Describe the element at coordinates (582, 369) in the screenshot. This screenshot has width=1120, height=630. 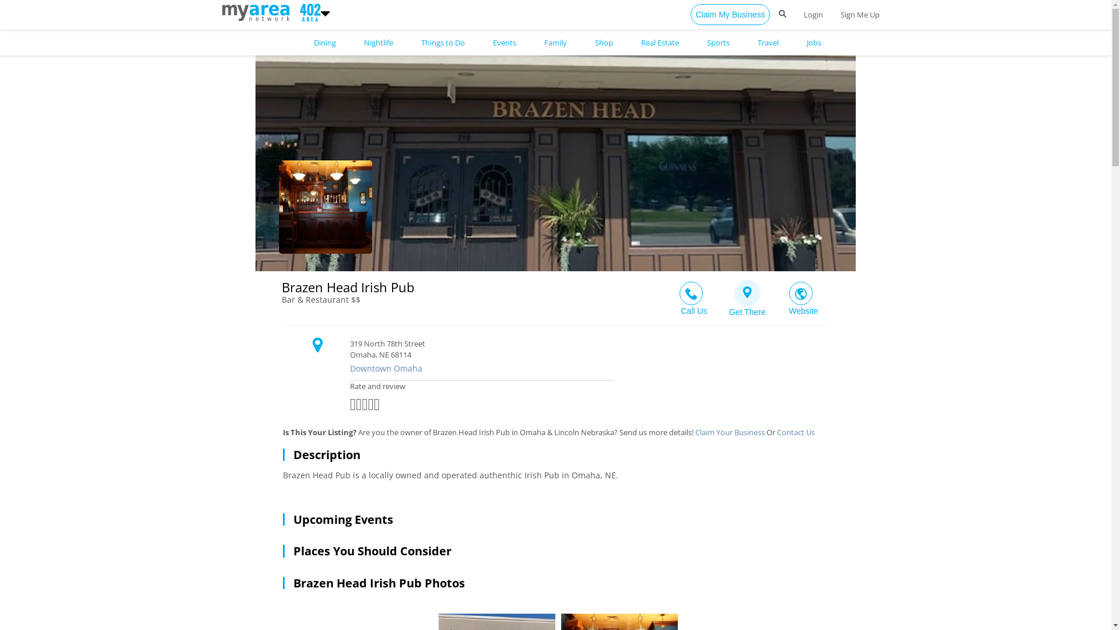
I see `'Downtown Omaha'` at that location.